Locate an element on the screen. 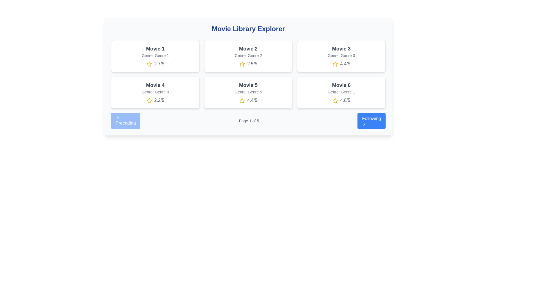 This screenshot has width=540, height=303. the text label that displays the title of the movie in the first card of the grid layout is located at coordinates (155, 48).